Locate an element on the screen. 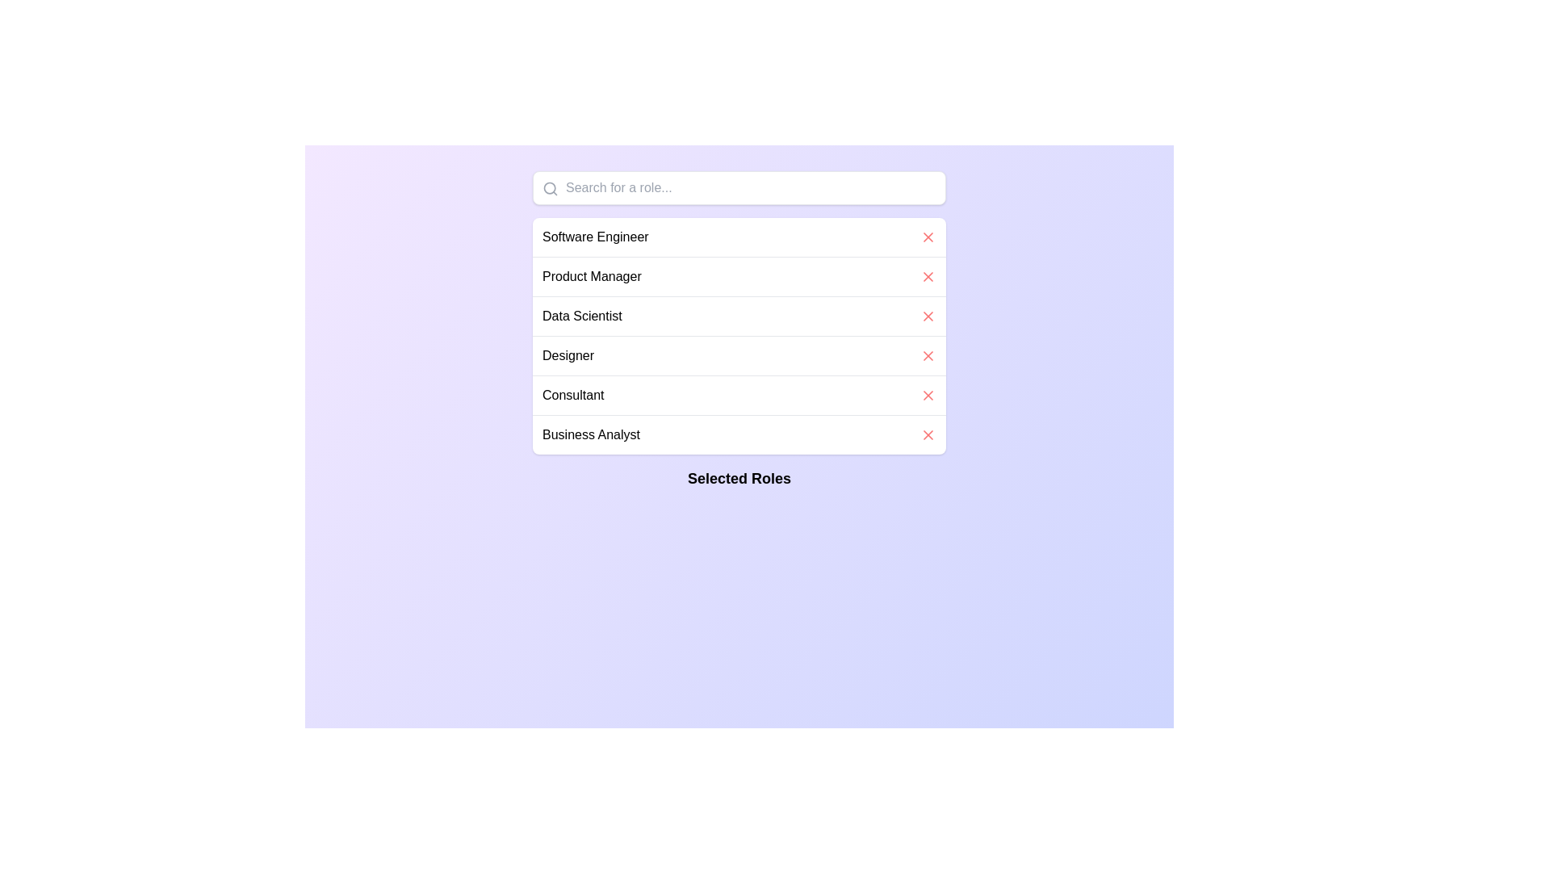  the fourth list item labeled 'Designer' is located at coordinates (739, 354).